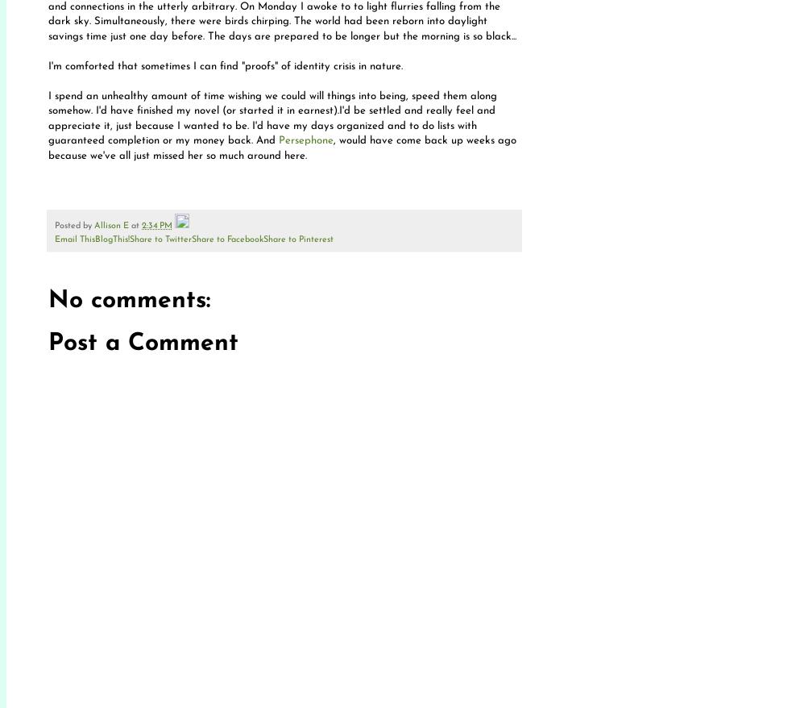 The height and width of the screenshot is (708, 796). What do you see at coordinates (74, 239) in the screenshot?
I see `'Email This'` at bounding box center [74, 239].